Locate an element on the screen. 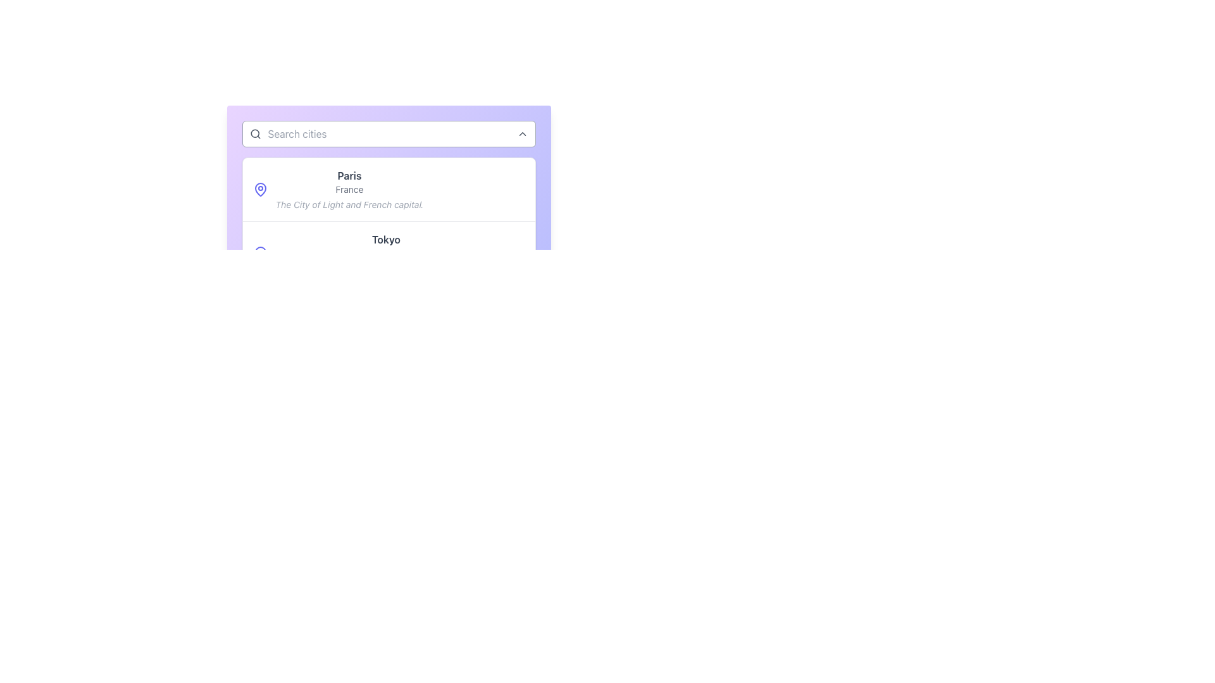 Image resolution: width=1215 pixels, height=683 pixels. the small upward-facing chevron icon button located at the top-right corner of the 'Search cities' input field is located at coordinates (522, 134).